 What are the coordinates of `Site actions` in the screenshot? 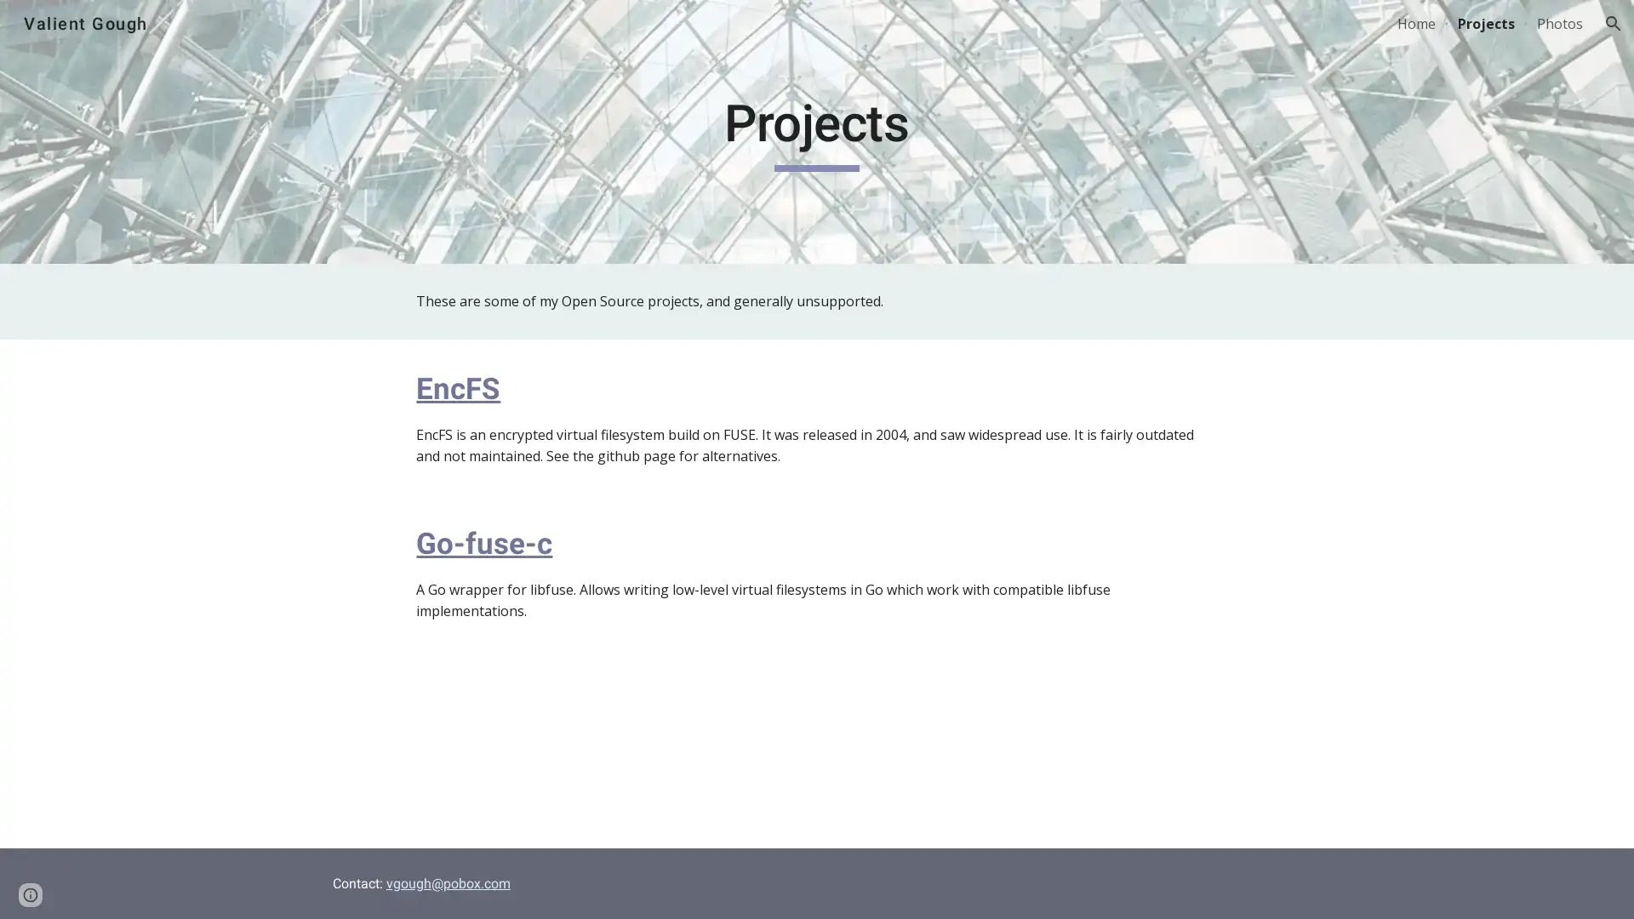 It's located at (30, 888).